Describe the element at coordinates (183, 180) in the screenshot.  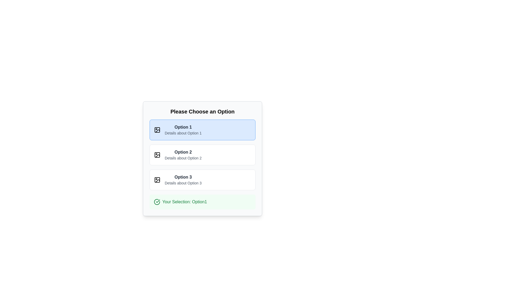
I see `the Text Display element that contains the title 'Option 3' and subtitle 'Details about Option 3', located below 'Option 2' and above 'Your Selection: Option1'` at that location.